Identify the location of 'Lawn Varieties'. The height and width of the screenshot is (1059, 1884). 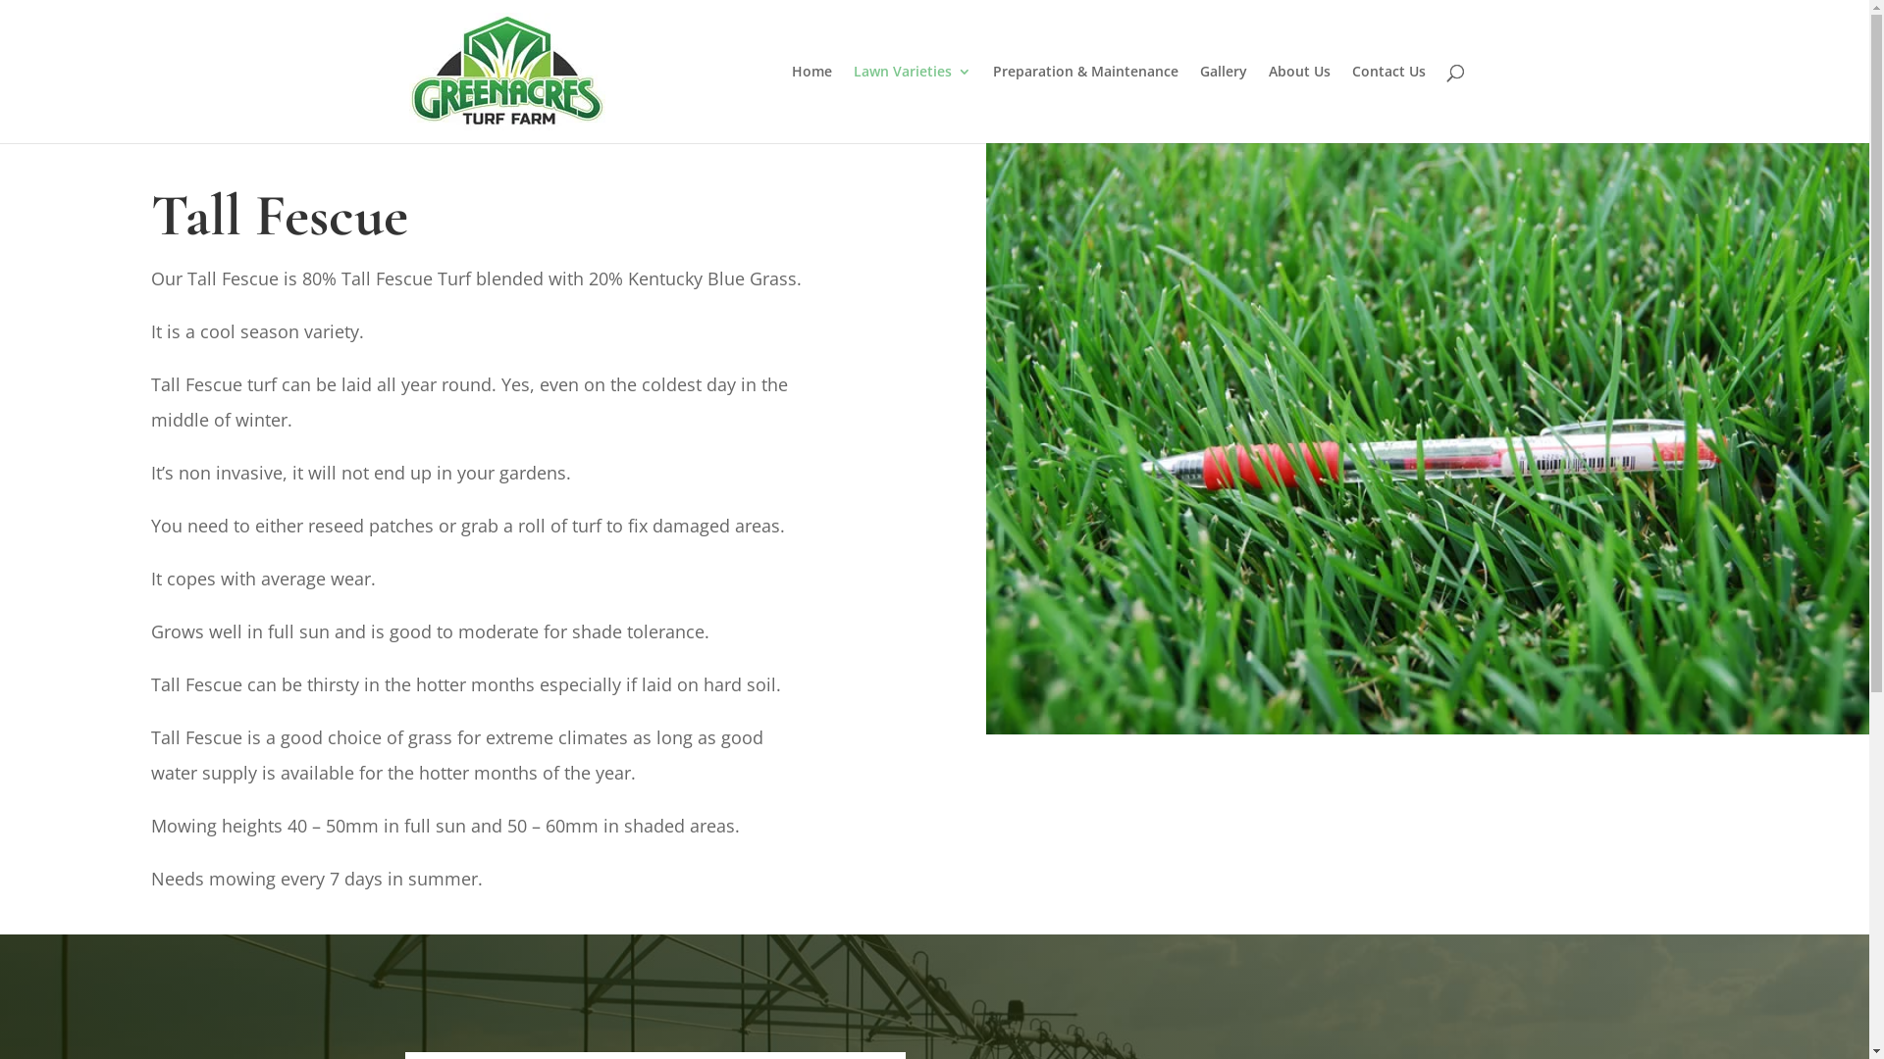
(912, 103).